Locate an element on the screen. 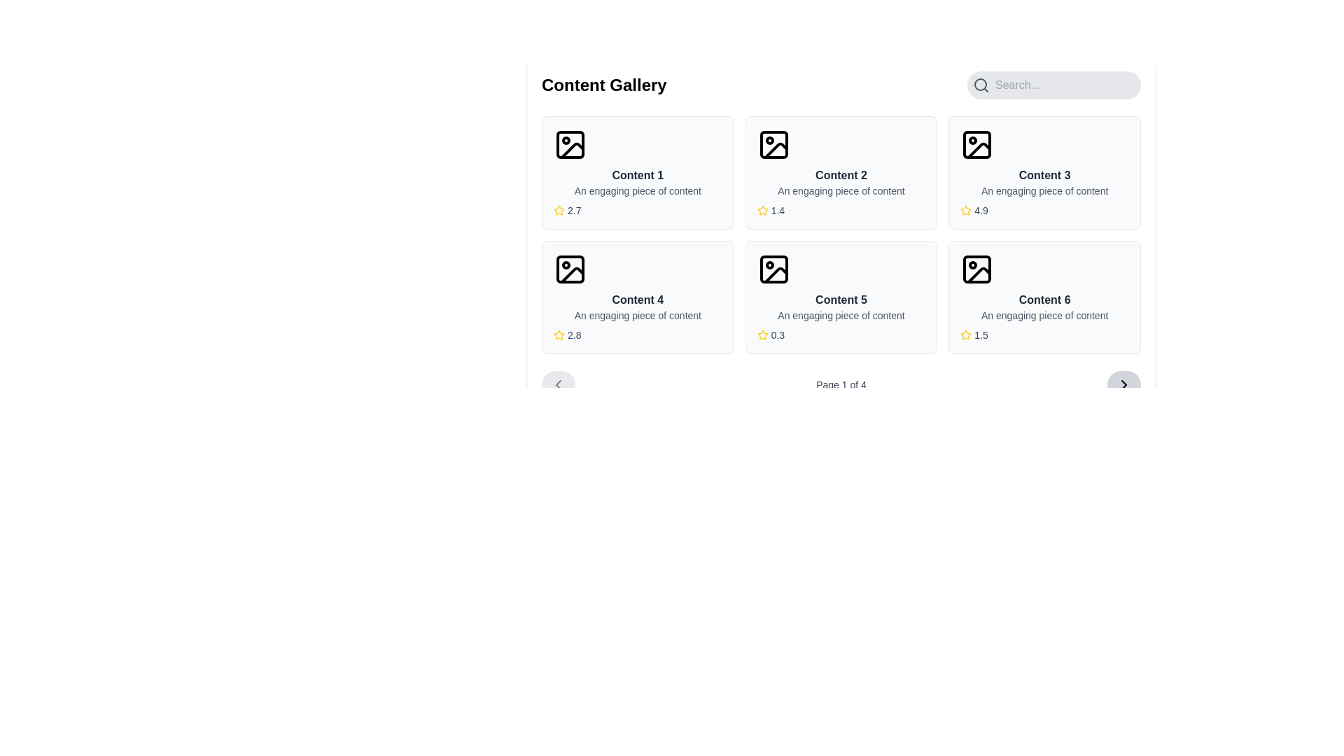 Image resolution: width=1344 pixels, height=756 pixels. rating value displayed as '4.9' in gray text, located next to the yellow star icon in the third content card under 'Content 3' is located at coordinates (980, 210).